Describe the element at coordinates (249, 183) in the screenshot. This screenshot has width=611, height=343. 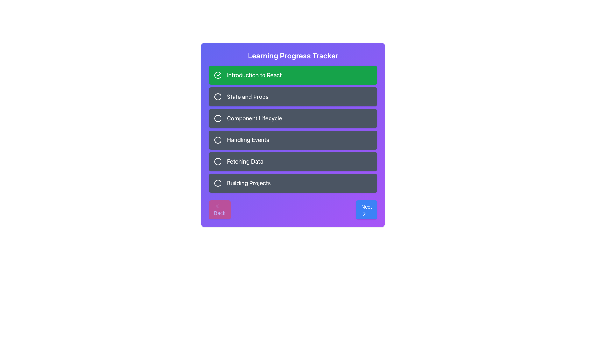
I see `the text label that denotes the title 'Building Projects' within the last row of the vertical progress tracker, located beneath the 'Fetching Data' item` at that location.